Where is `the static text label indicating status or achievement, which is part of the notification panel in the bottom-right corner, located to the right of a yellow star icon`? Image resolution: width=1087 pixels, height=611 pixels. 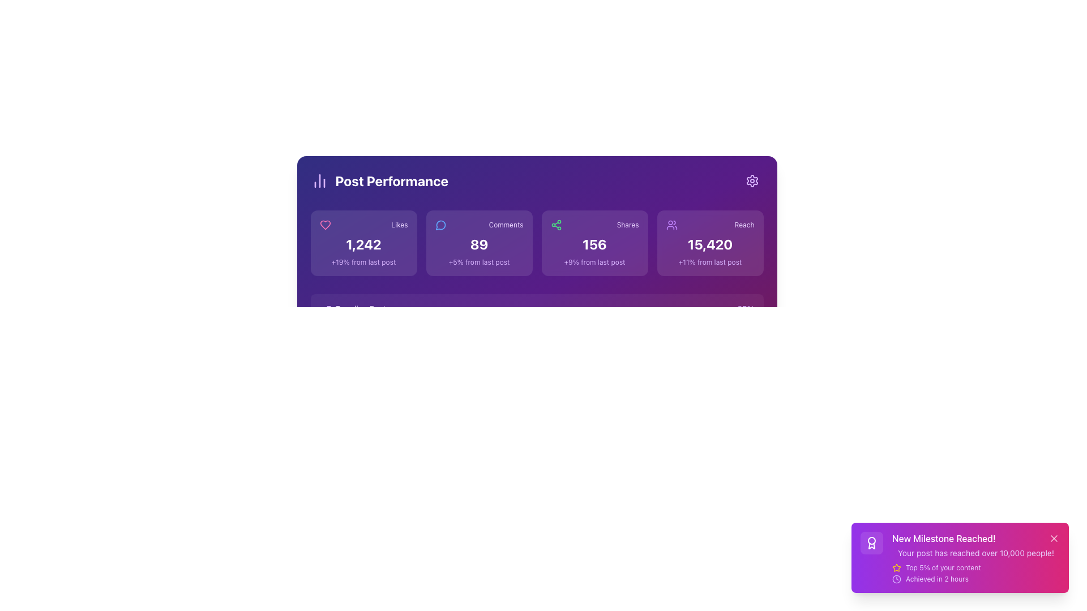
the static text label indicating status or achievement, which is part of the notification panel in the bottom-right corner, located to the right of a yellow star icon is located at coordinates (943, 567).